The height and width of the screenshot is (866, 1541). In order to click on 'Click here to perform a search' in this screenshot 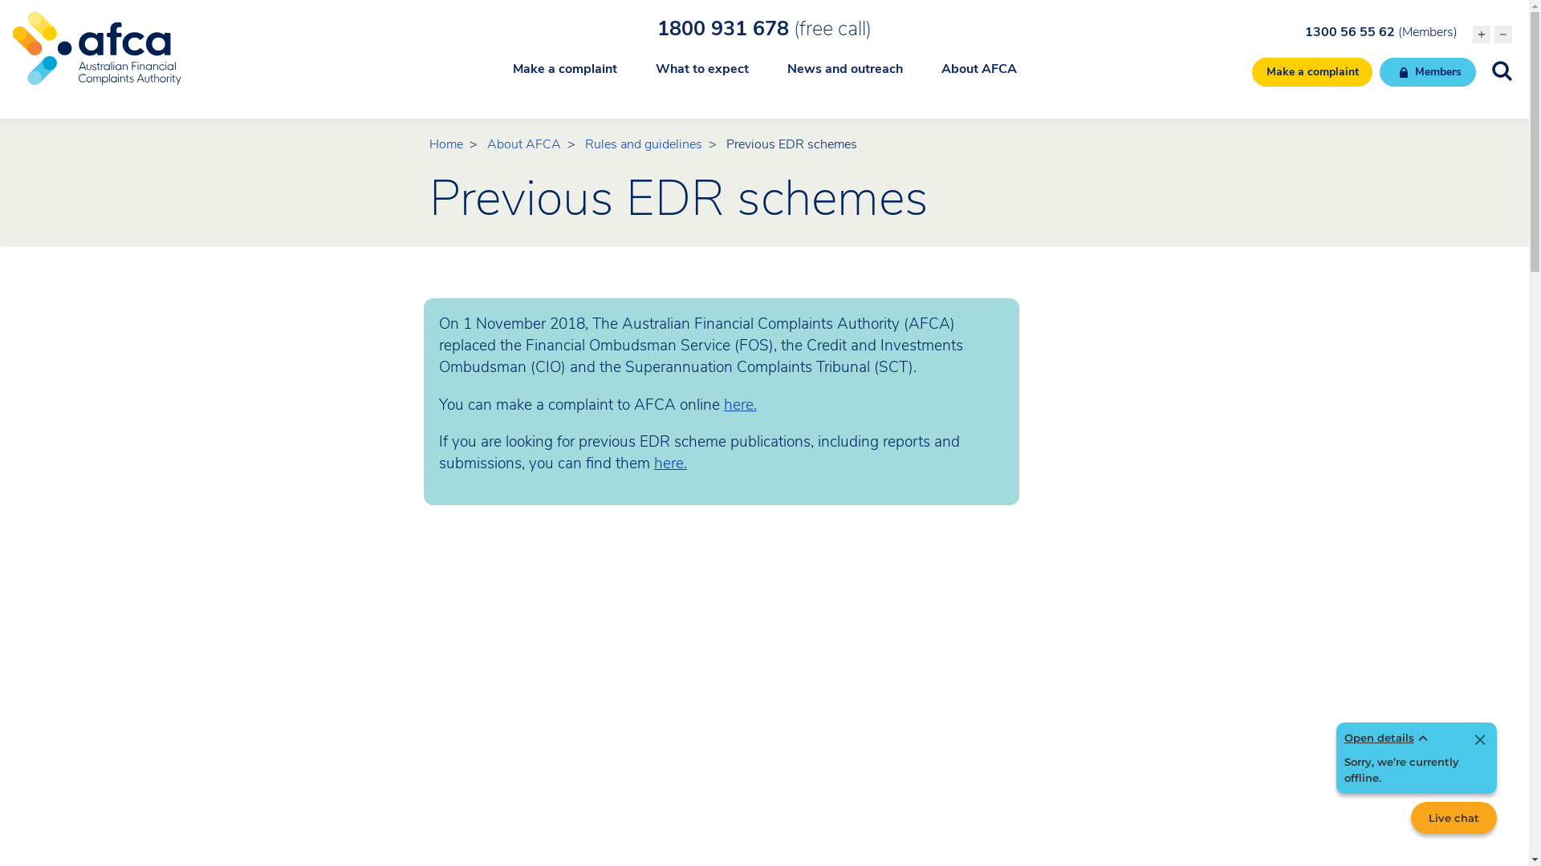, I will do `click(1501, 70)`.